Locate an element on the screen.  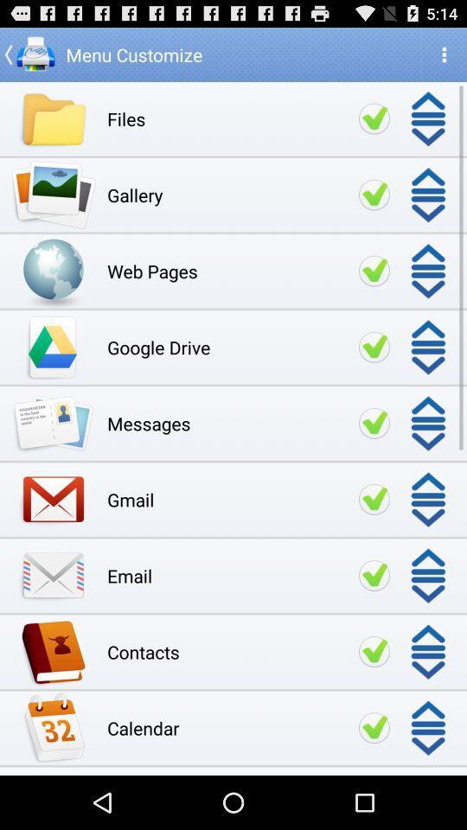
the arrow_backward icon is located at coordinates (29, 58).